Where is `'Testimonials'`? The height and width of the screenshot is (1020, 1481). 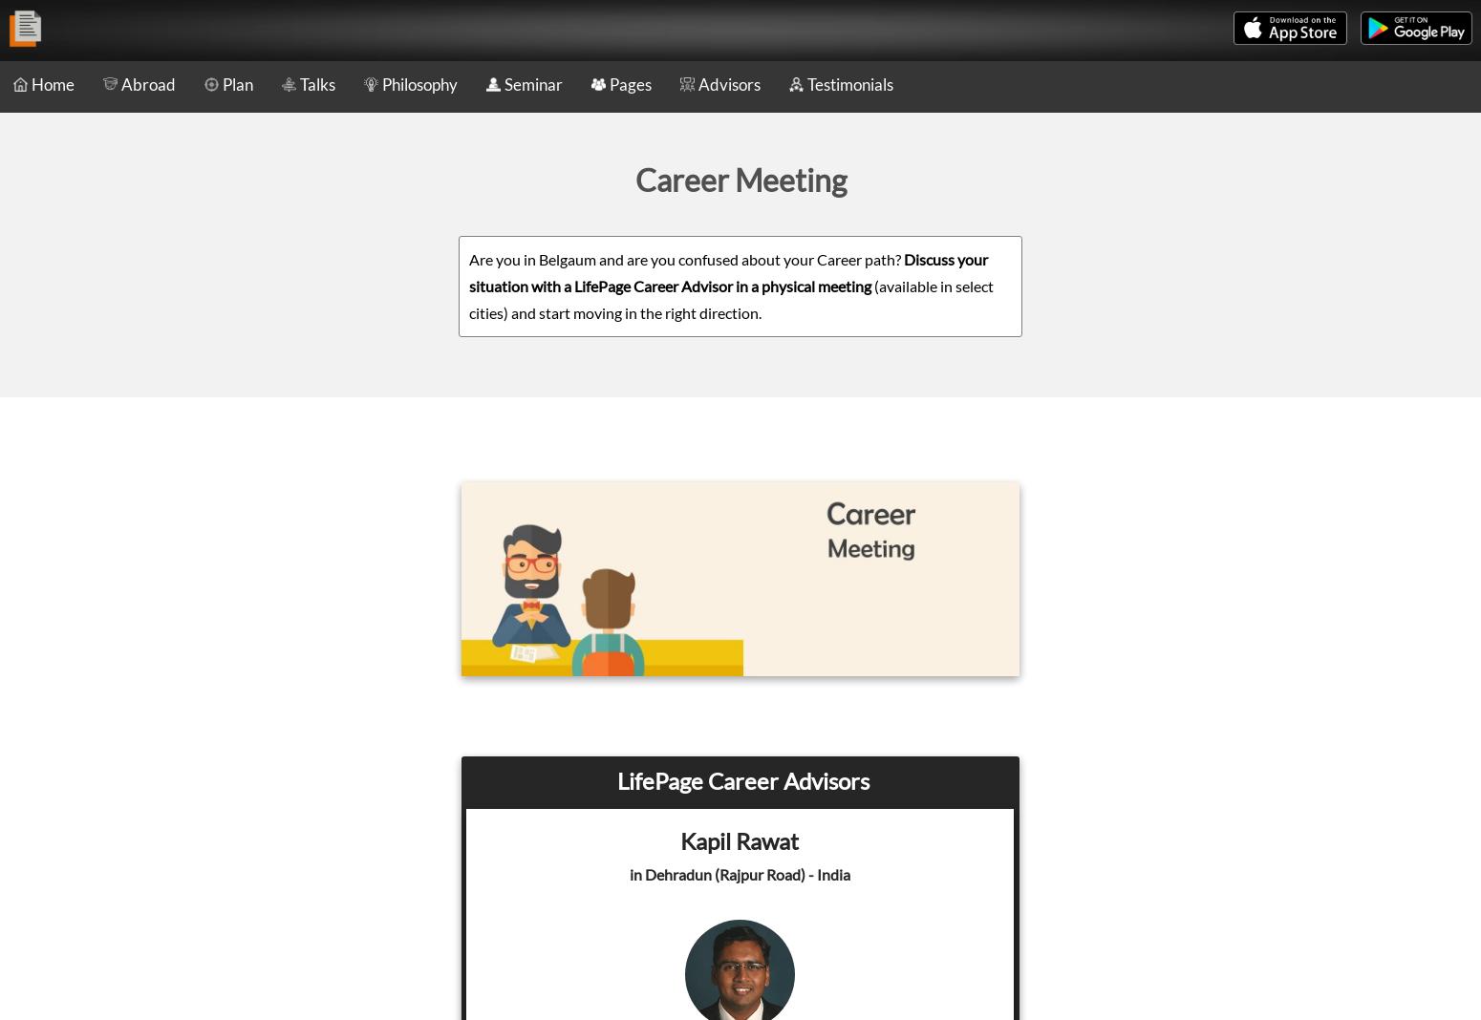 'Testimonials' is located at coordinates (850, 83).